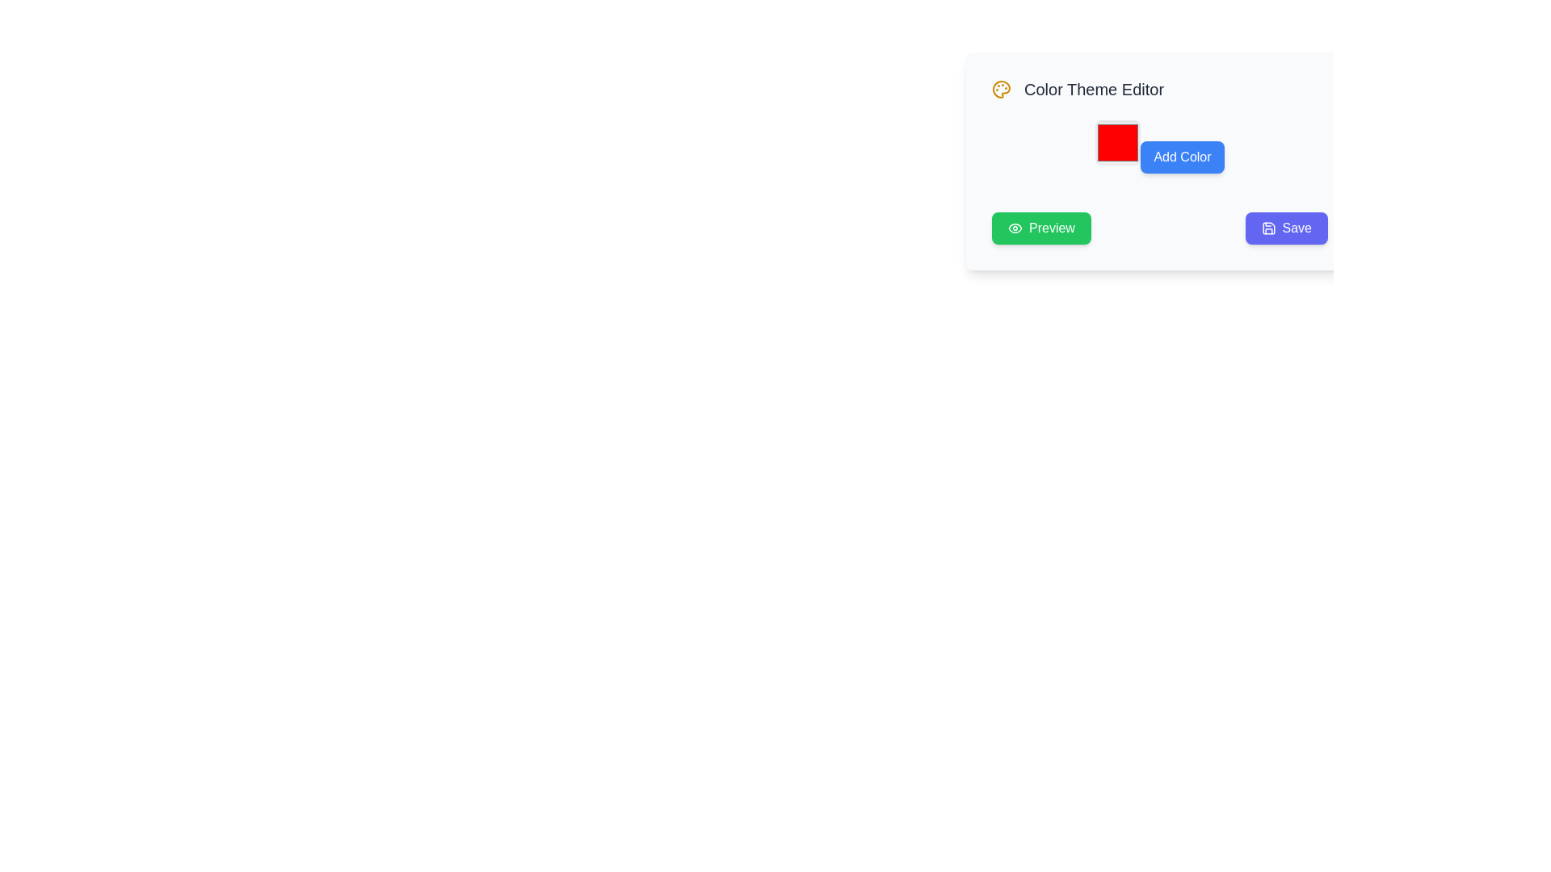  What do you see at coordinates (1015, 228) in the screenshot?
I see `on the 'Preview' button icon located centrally within the card titled 'Color Theme Editor' for specific interactions` at bounding box center [1015, 228].